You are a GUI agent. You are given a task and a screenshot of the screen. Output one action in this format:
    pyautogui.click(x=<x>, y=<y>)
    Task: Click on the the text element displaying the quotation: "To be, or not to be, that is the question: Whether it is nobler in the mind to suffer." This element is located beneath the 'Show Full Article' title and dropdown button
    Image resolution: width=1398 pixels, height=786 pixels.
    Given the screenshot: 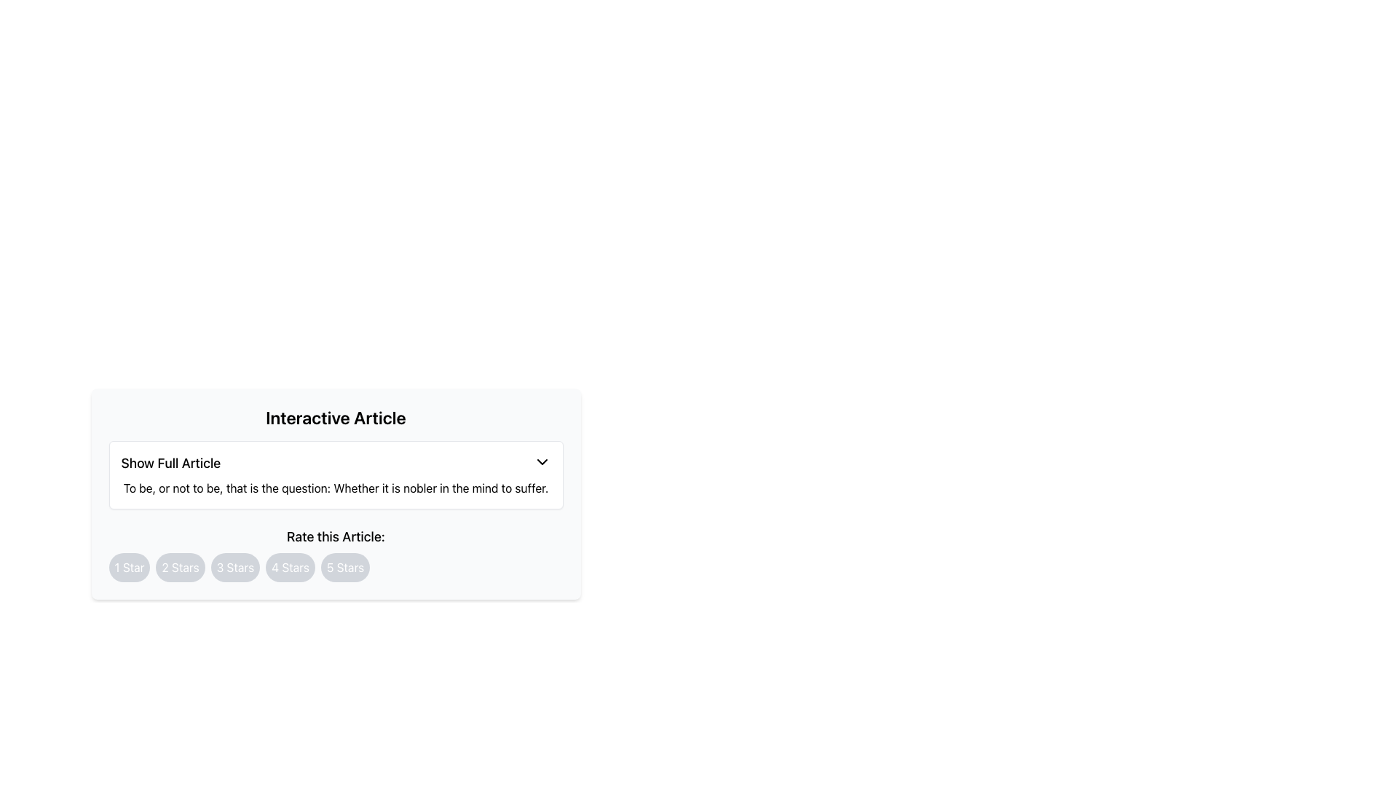 What is the action you would take?
    pyautogui.click(x=335, y=488)
    